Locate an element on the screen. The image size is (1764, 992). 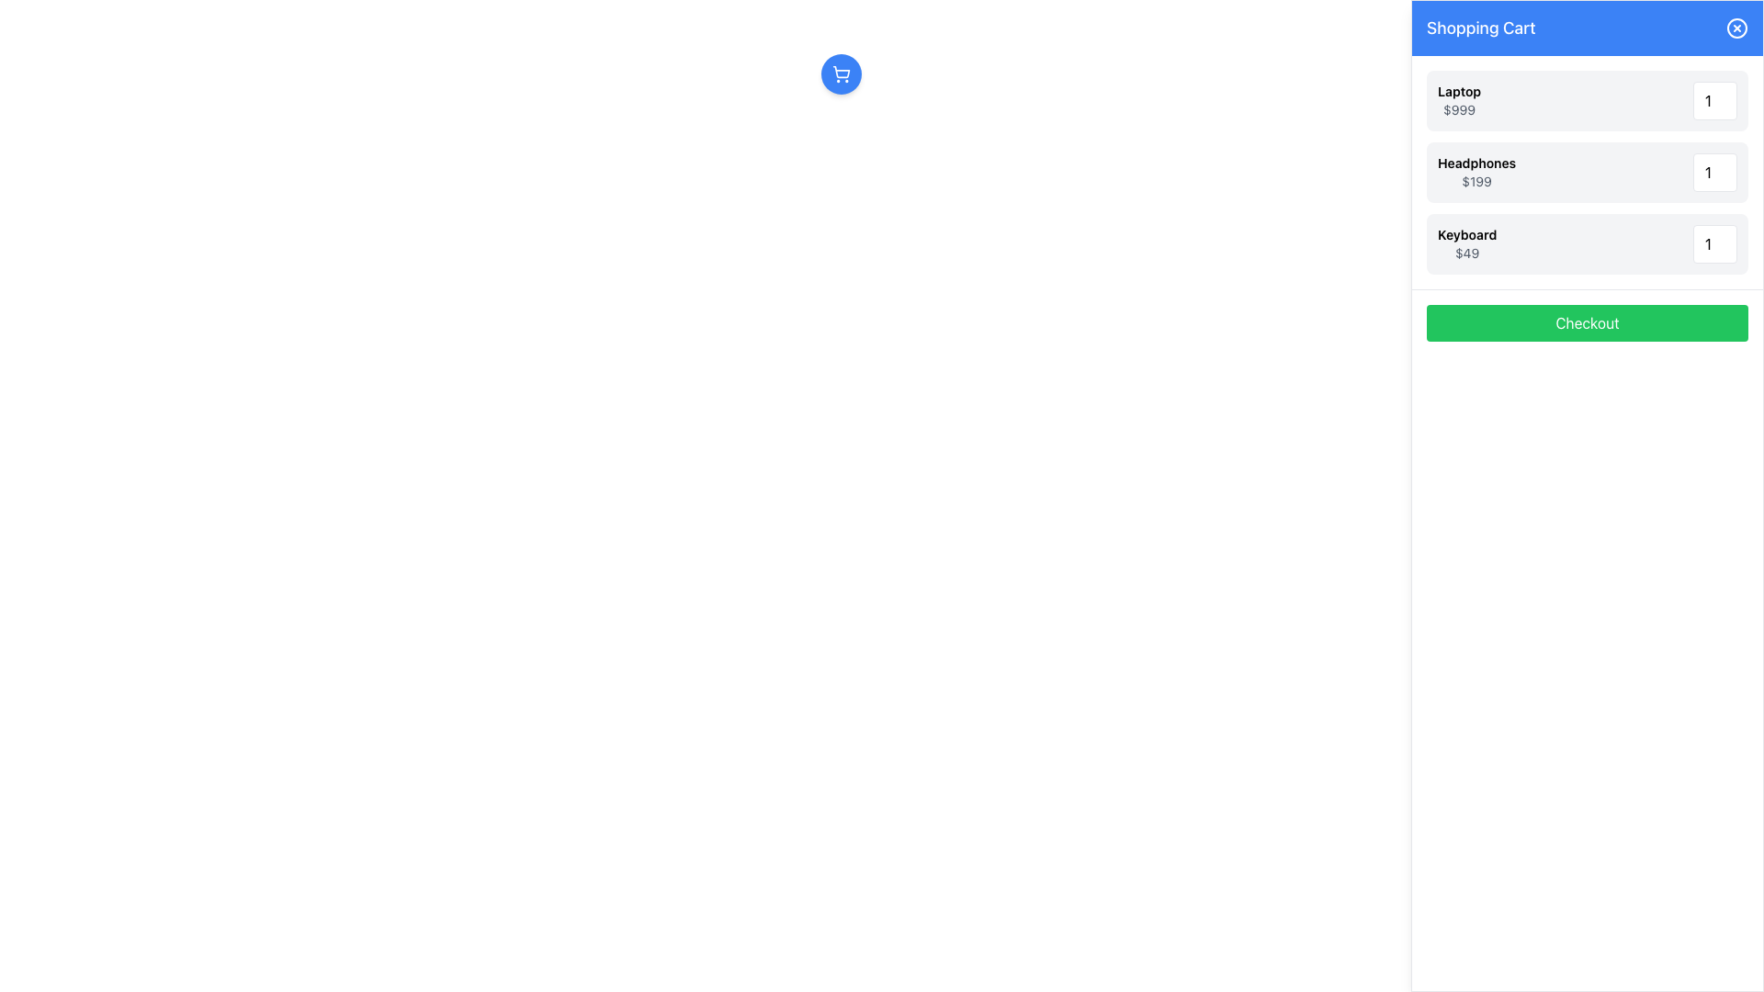
the price display text label located under the product name 'Headphones' in the shopping cart interface, positioned between the 'Laptop' and 'Keyboard' entries is located at coordinates (1476, 181).